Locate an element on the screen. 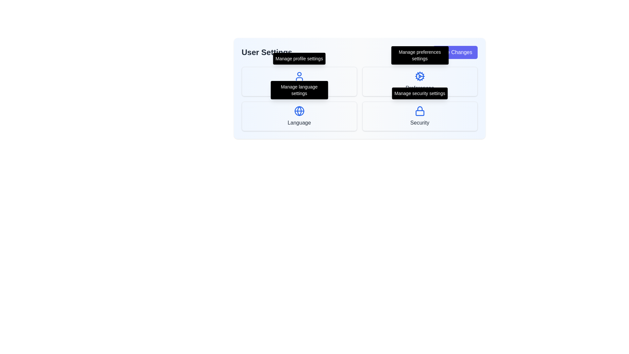 The height and width of the screenshot is (354, 629). the Tooltip that provides additional information about the 'Language' button in the 'User Settings' interface is located at coordinates (299, 90).